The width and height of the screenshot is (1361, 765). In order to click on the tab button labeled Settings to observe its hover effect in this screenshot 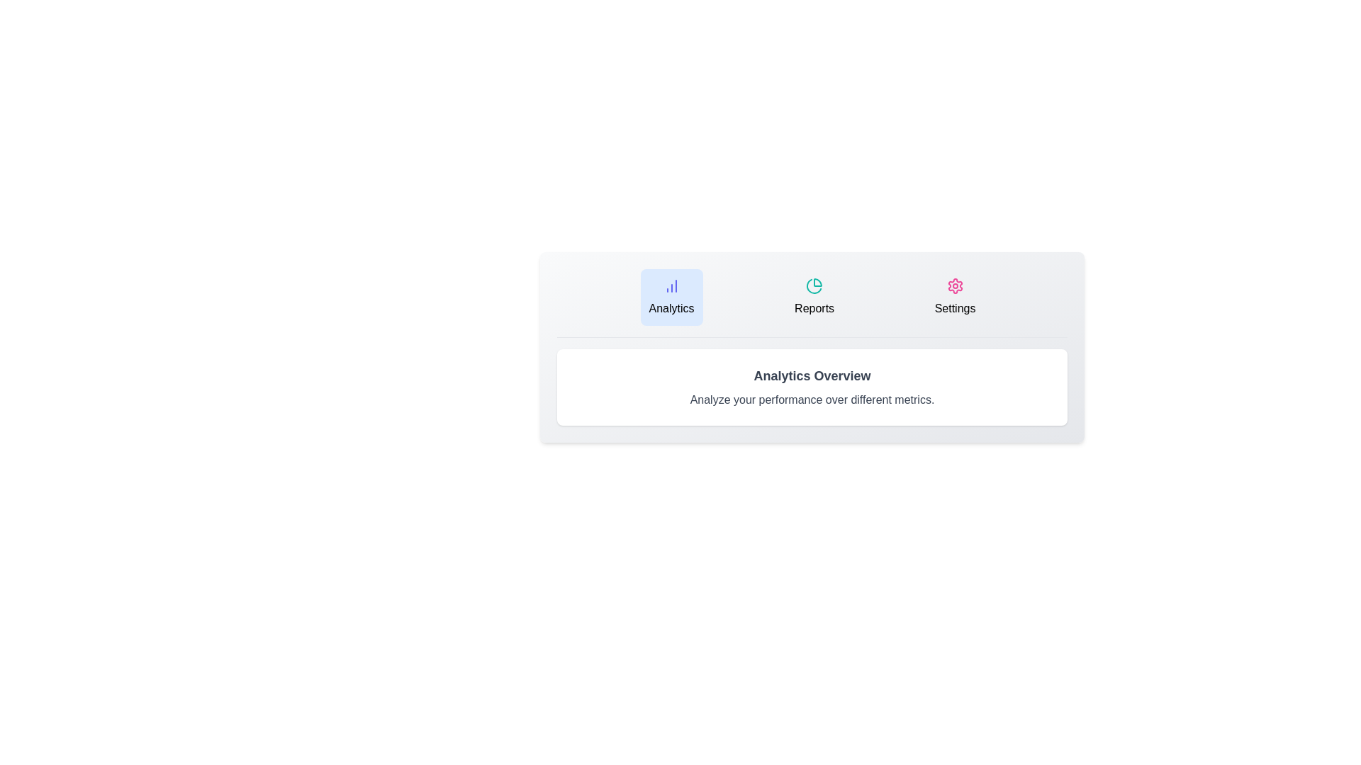, I will do `click(955, 297)`.